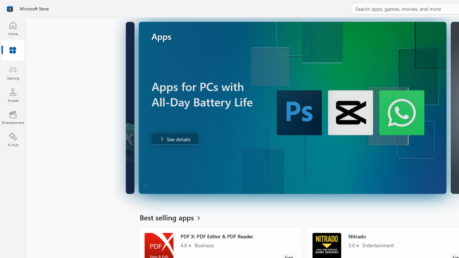 The height and width of the screenshot is (258, 459). Describe the element at coordinates (292, 107) in the screenshot. I see `'AutomationID: Image'` at that location.